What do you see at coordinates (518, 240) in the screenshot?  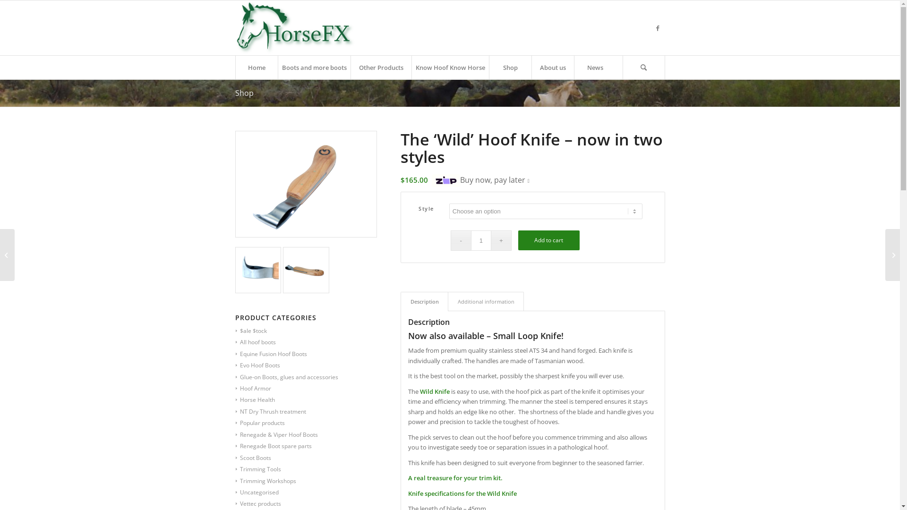 I see `'Add to cart'` at bounding box center [518, 240].